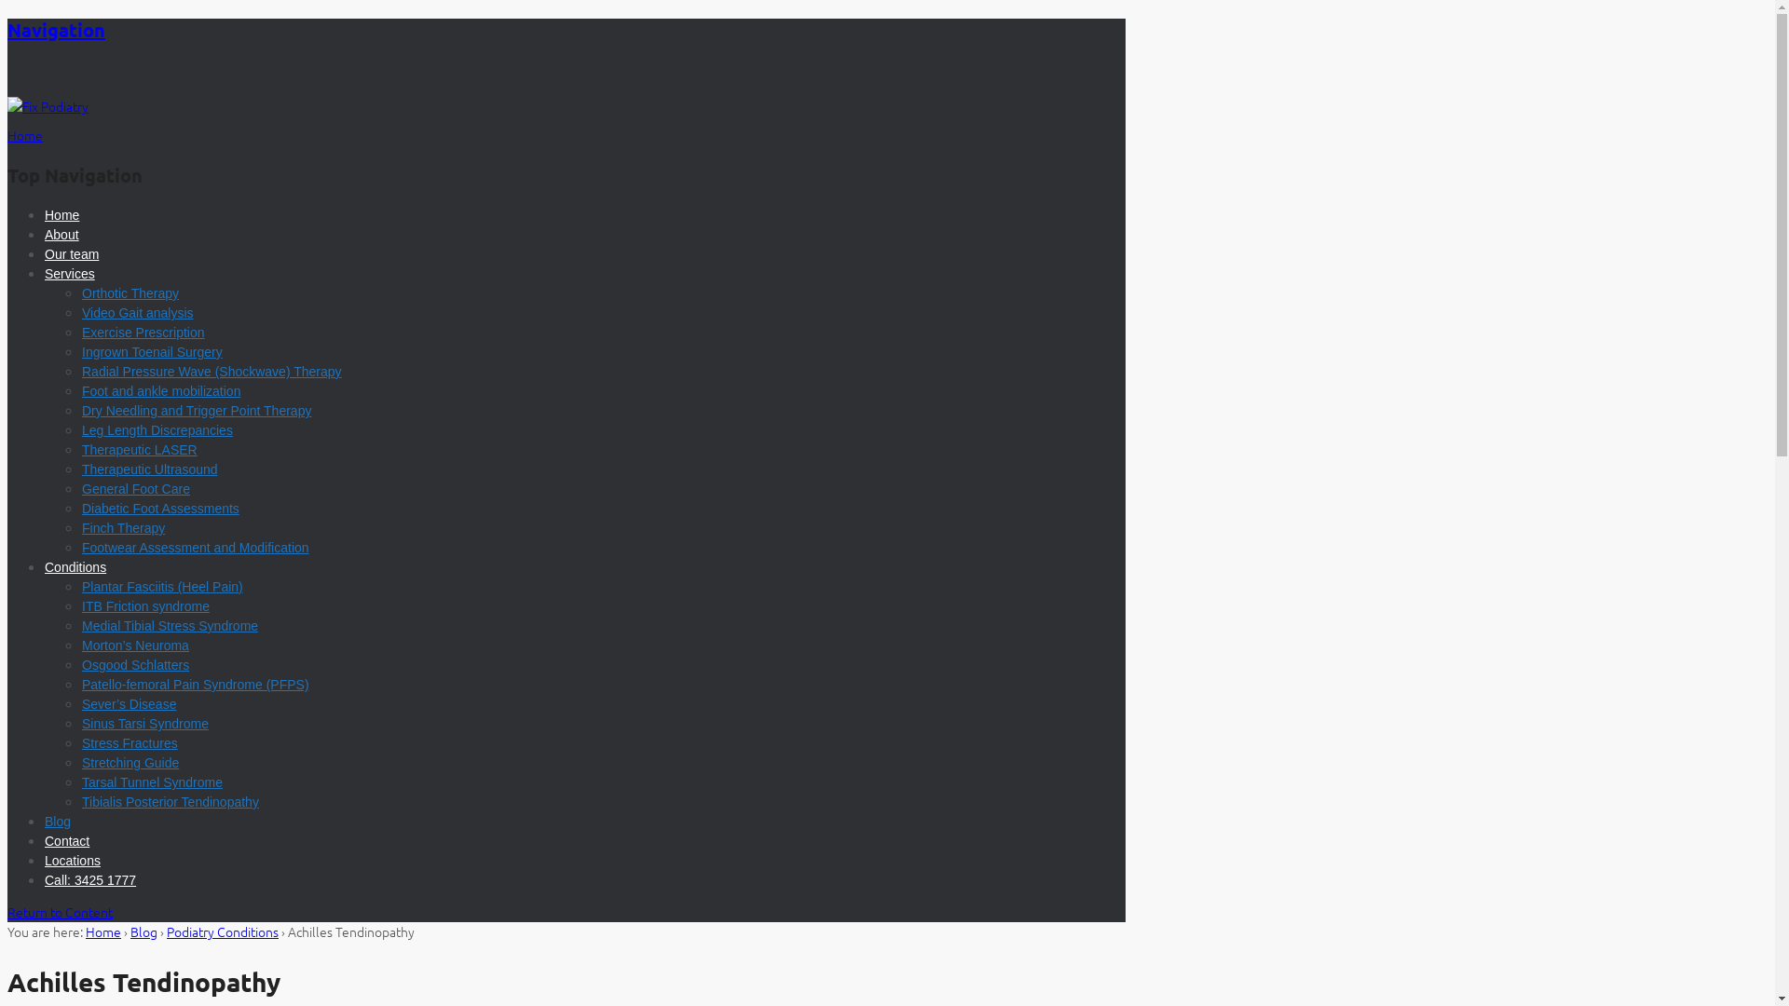  Describe the element at coordinates (71, 254) in the screenshot. I see `'Our team'` at that location.